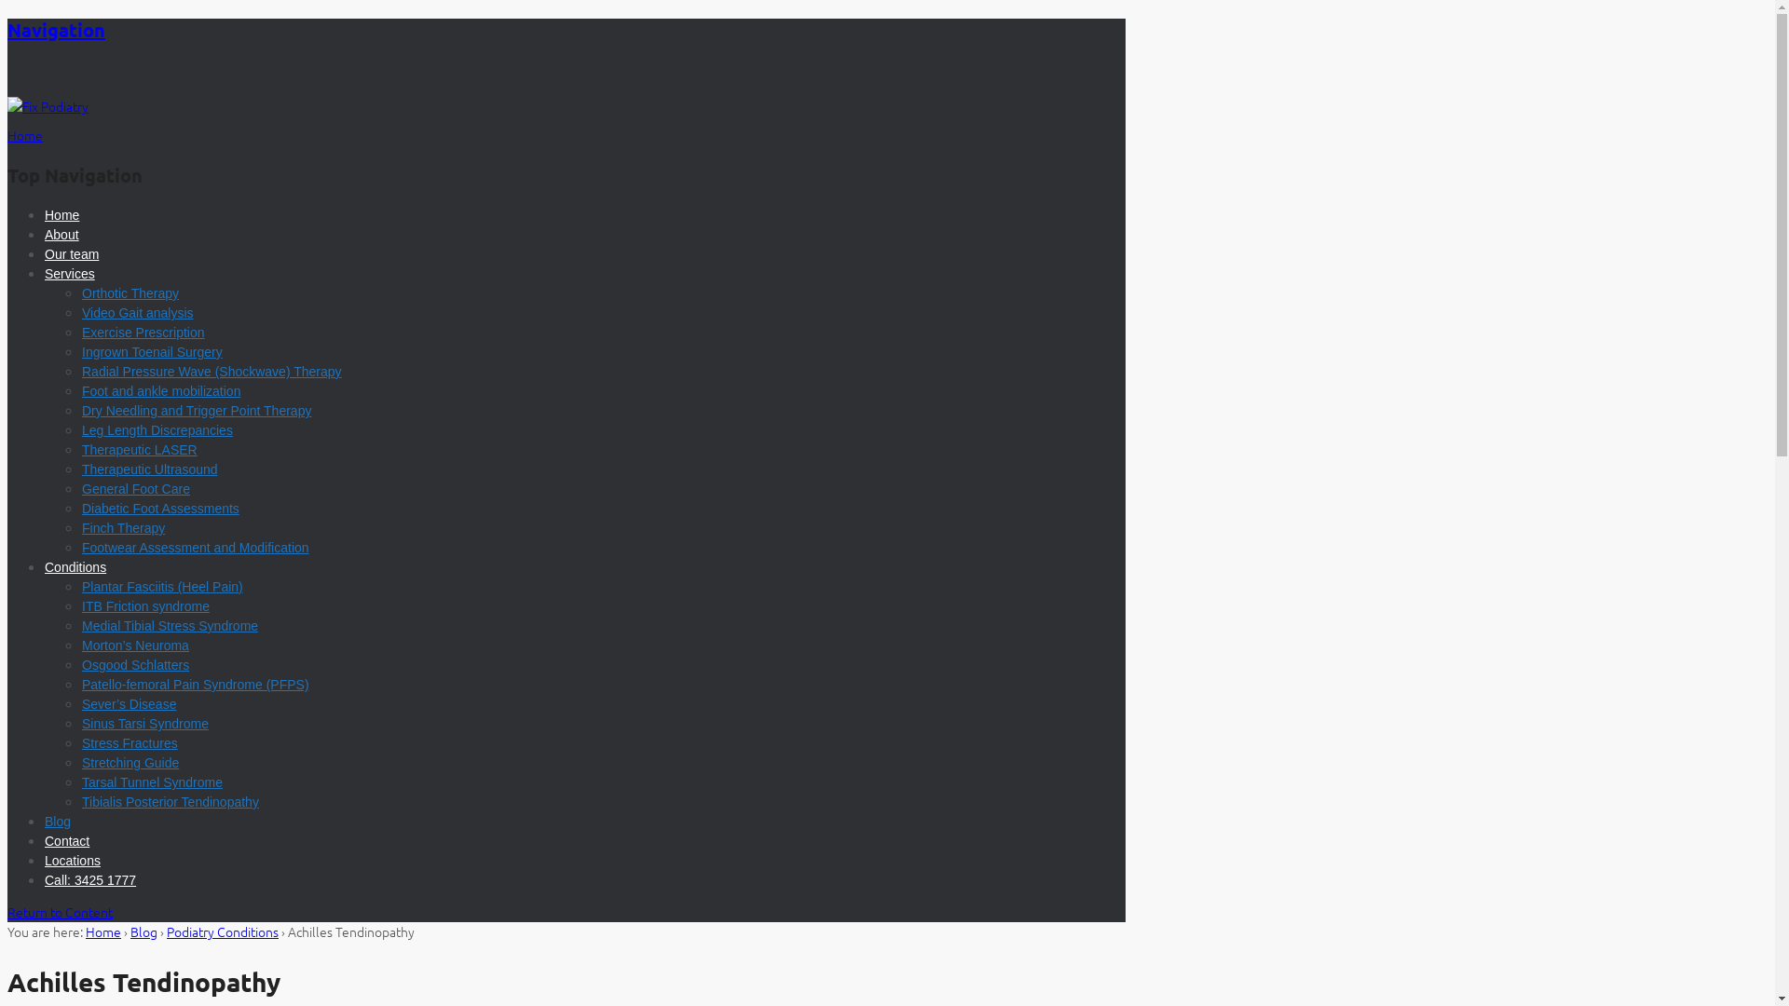  Describe the element at coordinates (71, 254) in the screenshot. I see `'Our team'` at that location.